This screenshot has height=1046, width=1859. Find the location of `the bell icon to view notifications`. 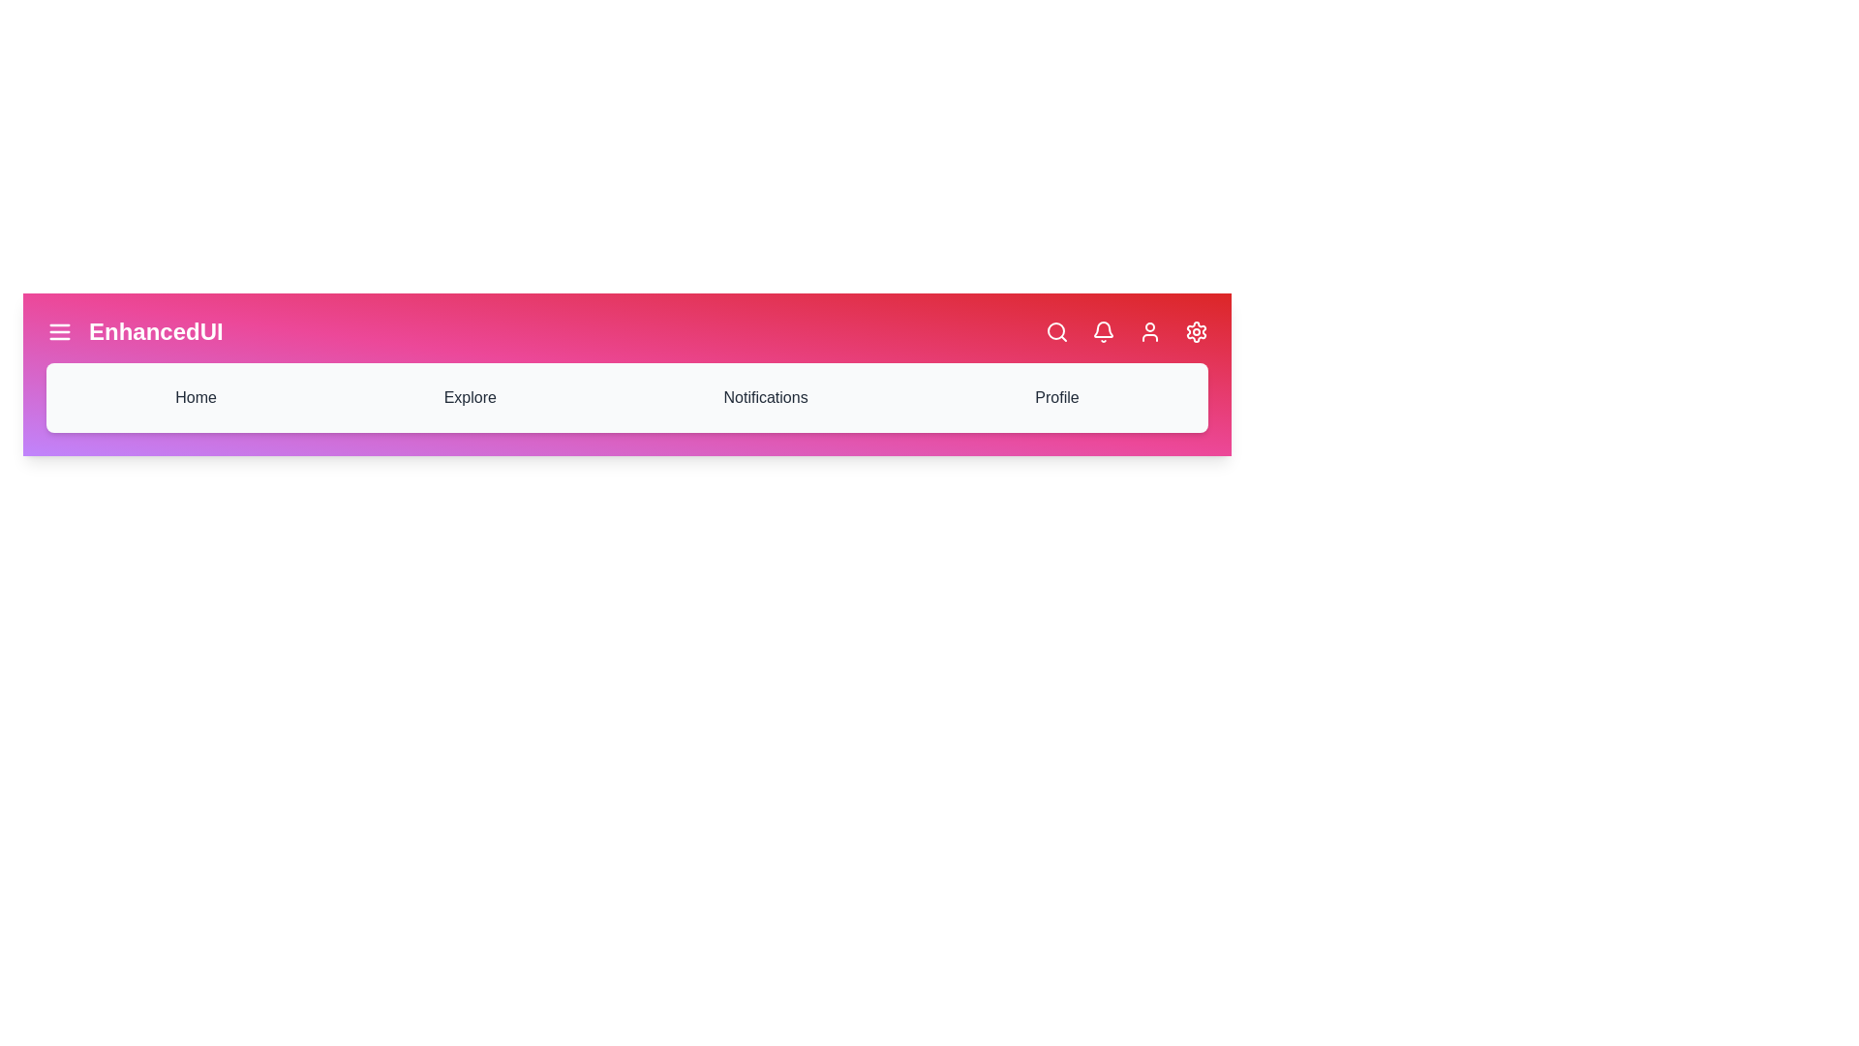

the bell icon to view notifications is located at coordinates (1104, 331).